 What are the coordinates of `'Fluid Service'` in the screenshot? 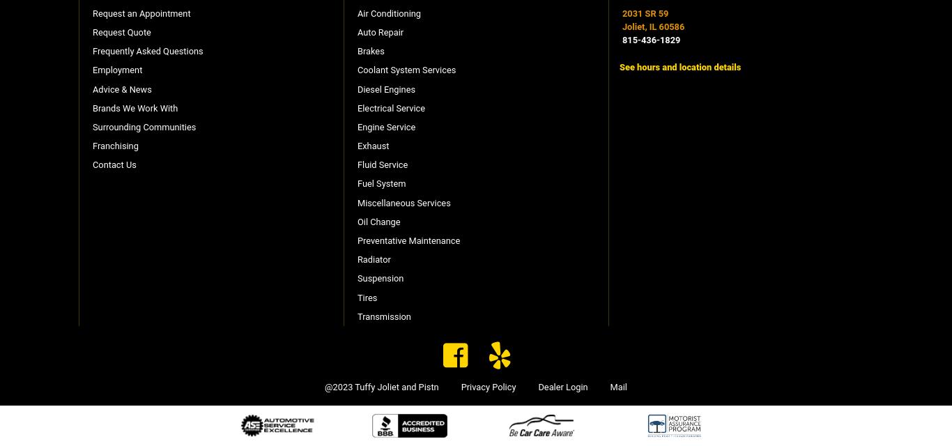 It's located at (382, 164).